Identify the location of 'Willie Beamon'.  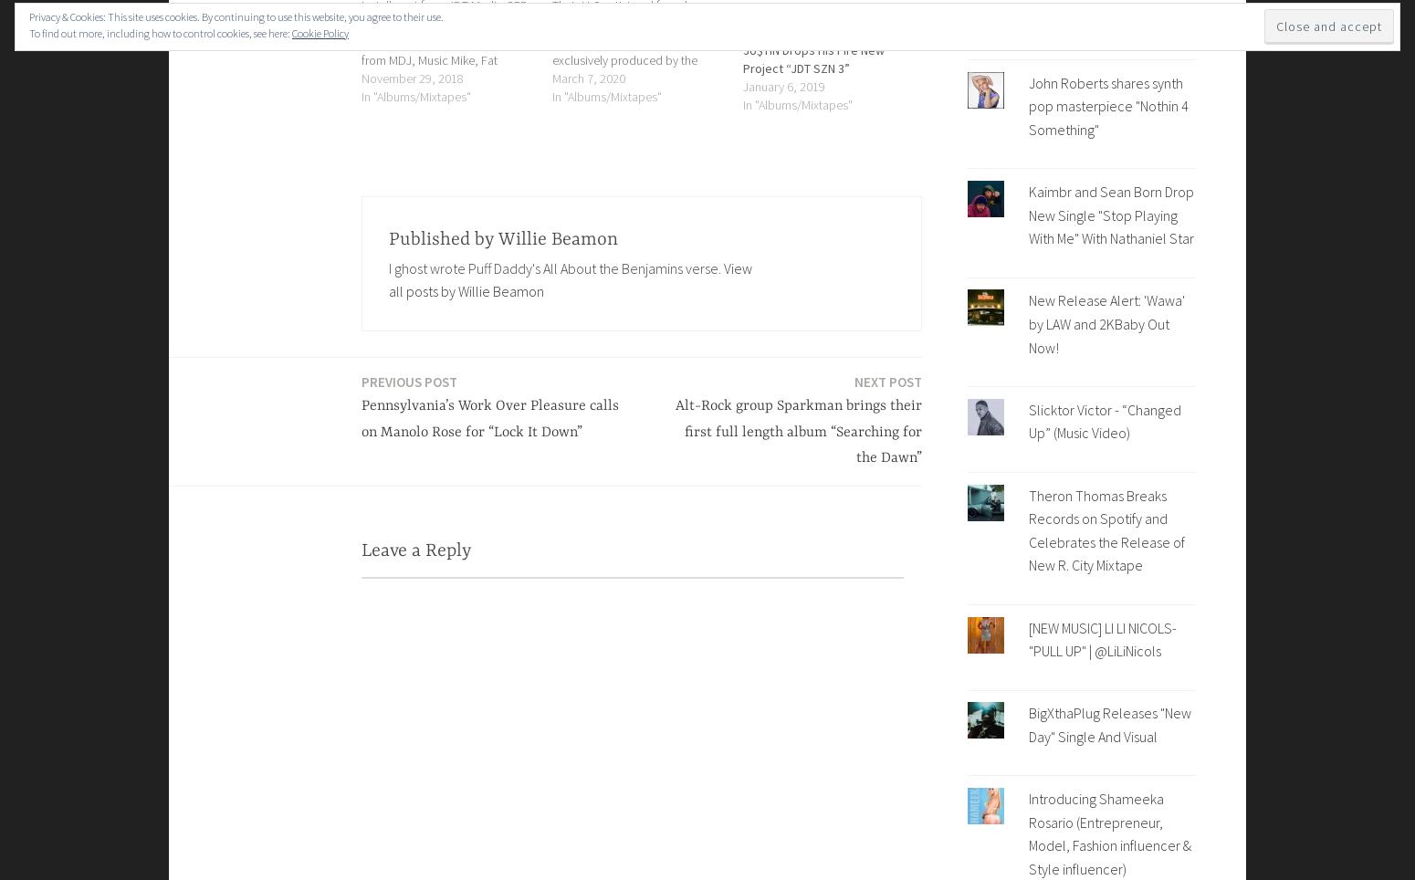
(497, 237).